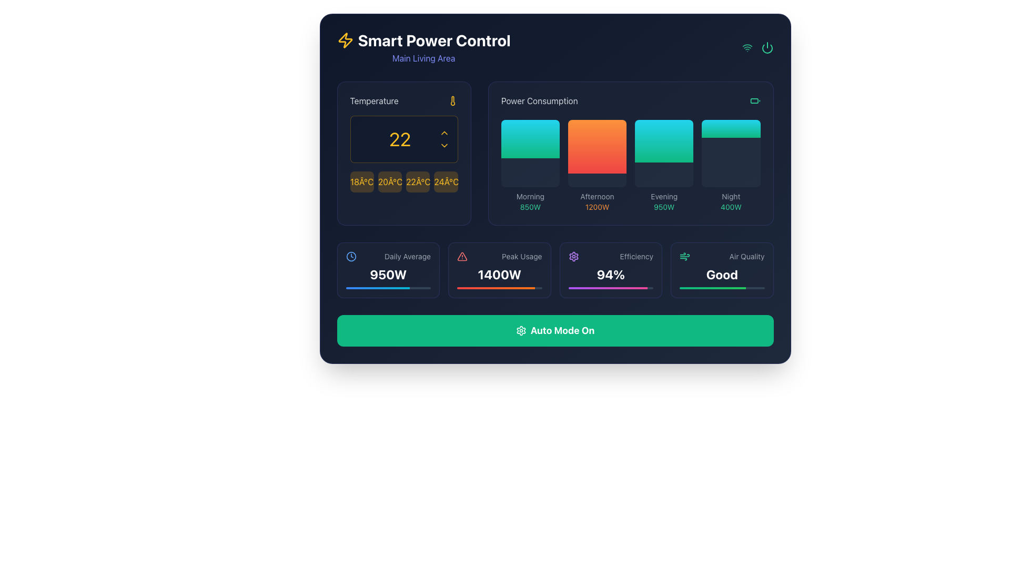 The width and height of the screenshot is (1010, 568). Describe the element at coordinates (611, 288) in the screenshot. I see `the Progress bar representing the 'Efficiency' metric located at the bottom of its section` at that location.